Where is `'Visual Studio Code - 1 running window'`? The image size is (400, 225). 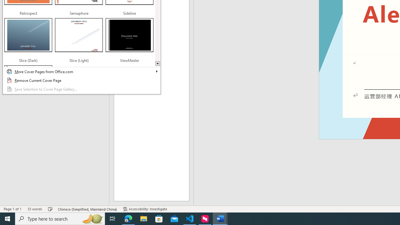 'Visual Studio Code - 1 running window' is located at coordinates (189, 218).